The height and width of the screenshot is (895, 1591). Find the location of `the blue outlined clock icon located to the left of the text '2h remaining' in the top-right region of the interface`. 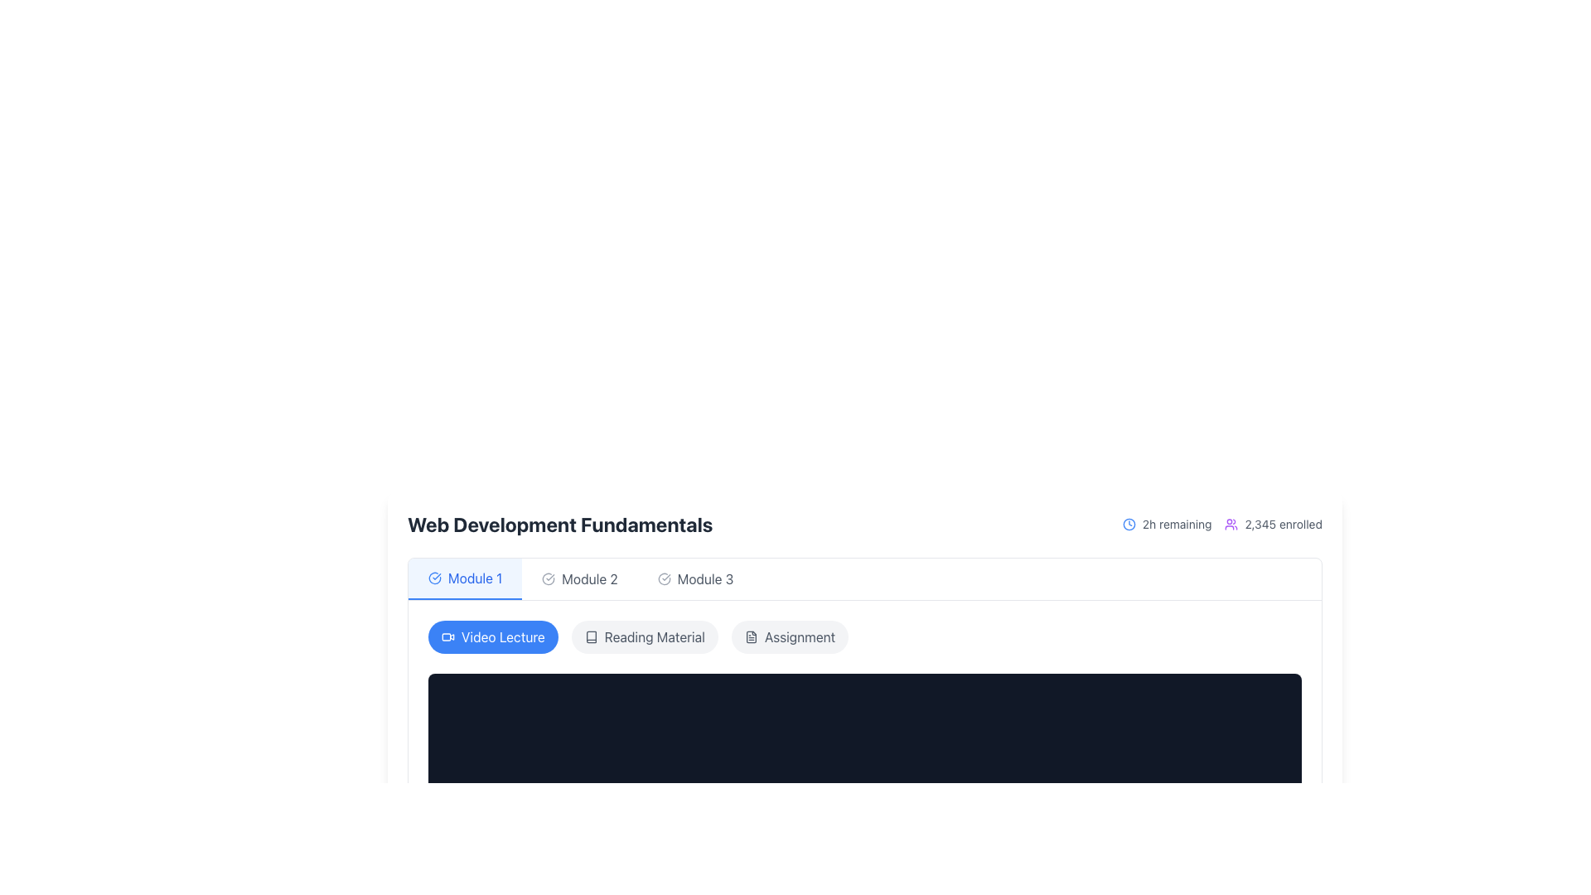

the blue outlined clock icon located to the left of the text '2h remaining' in the top-right region of the interface is located at coordinates (1128, 524).